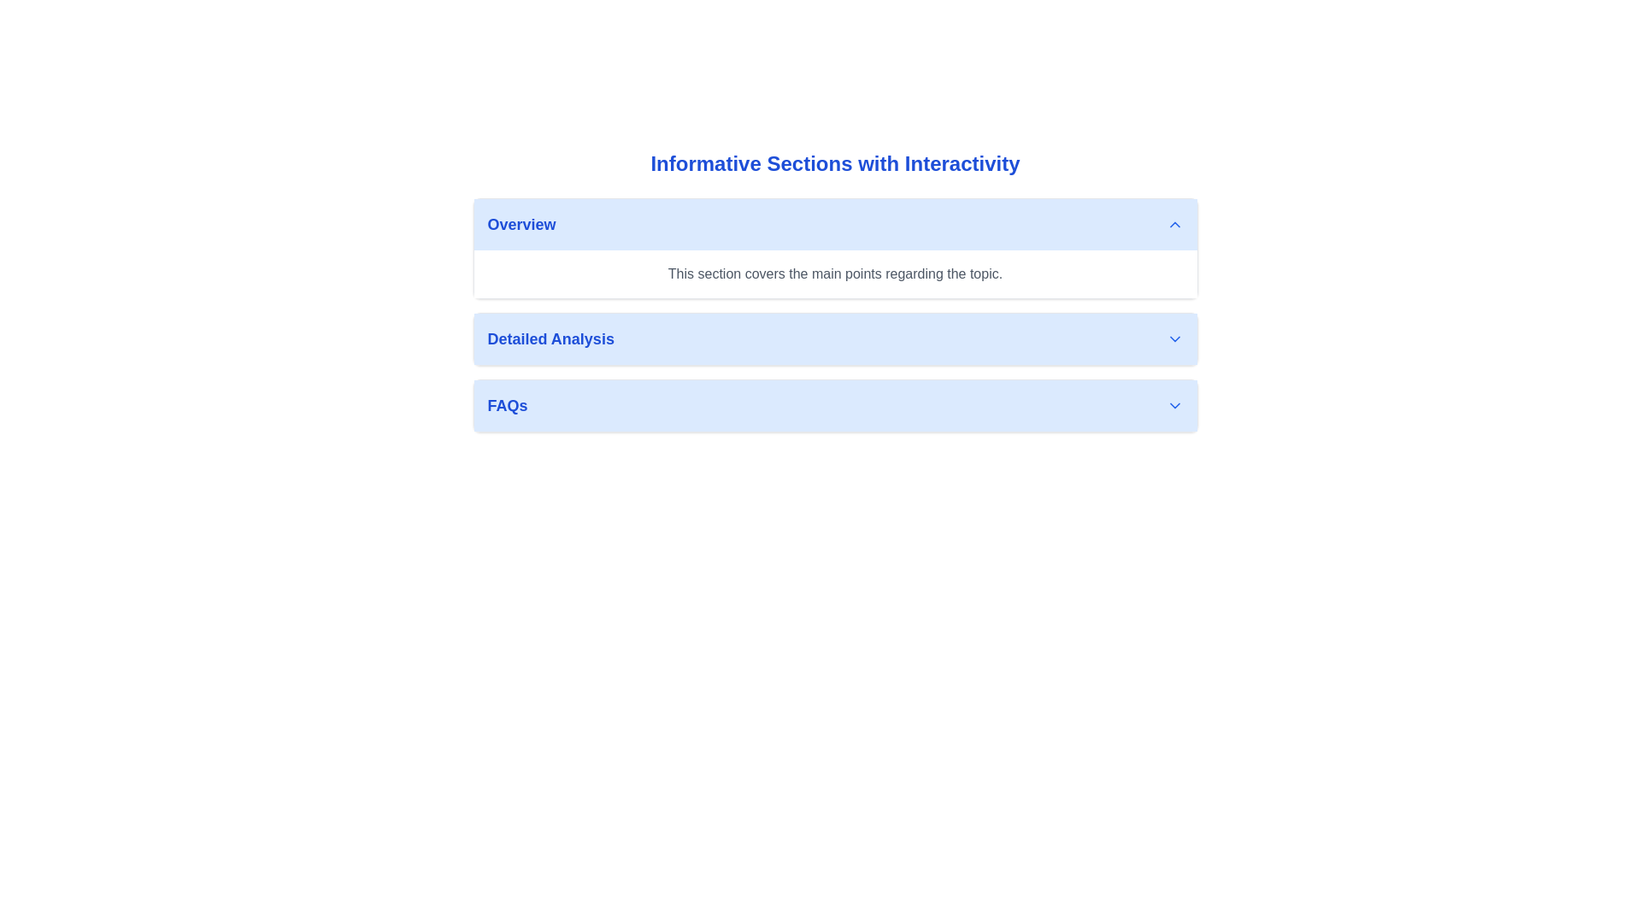 The image size is (1641, 923). I want to click on 'FAQs' text label located on the left side of the interface, below the 'Detailed Analysis' section, so click(507, 405).